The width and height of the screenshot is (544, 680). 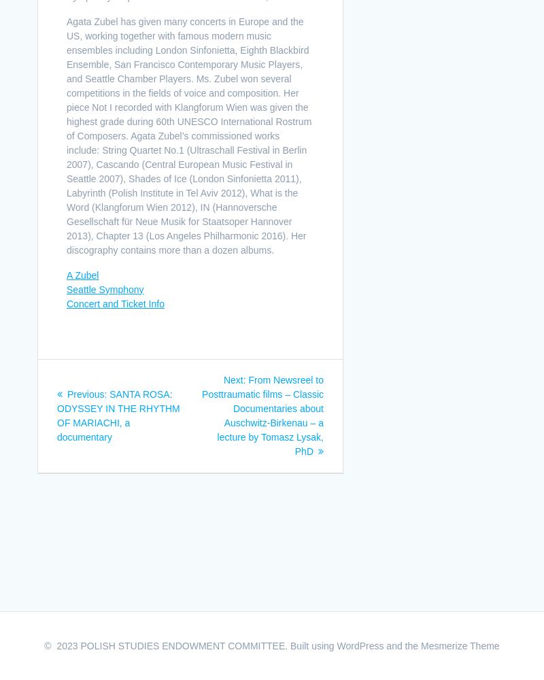 What do you see at coordinates (118, 414) in the screenshot?
I see `'SANTA ROSA: ODYSSEY IN THE RHYTHM OF MARIACHI, a documentary'` at bounding box center [118, 414].